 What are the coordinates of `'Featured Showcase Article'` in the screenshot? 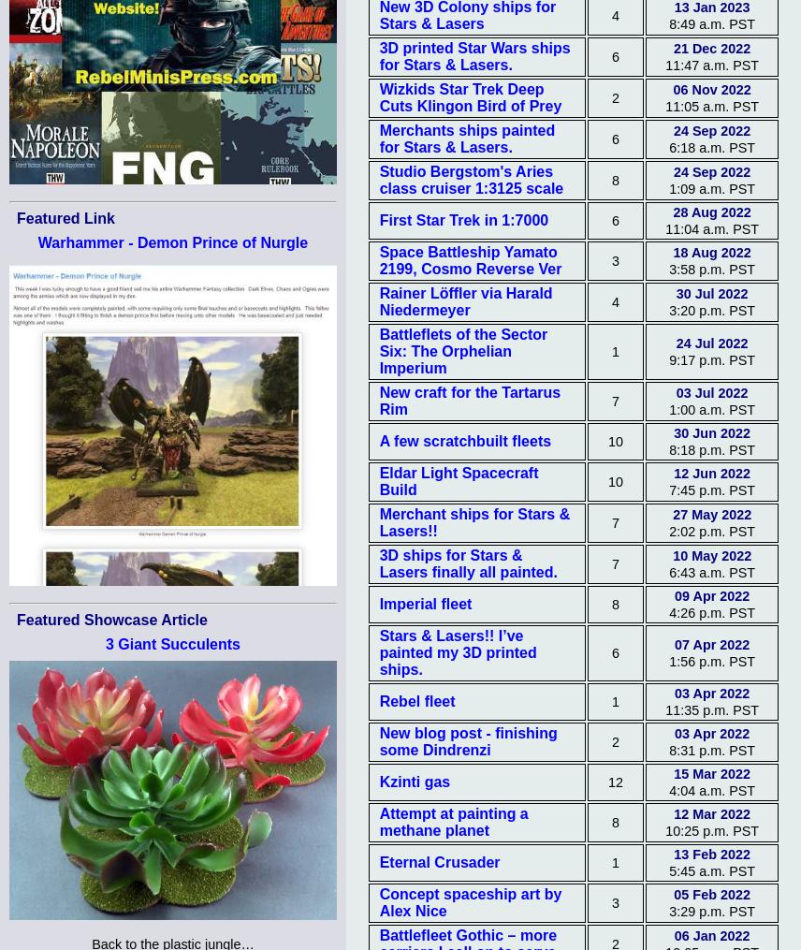 It's located at (110, 619).